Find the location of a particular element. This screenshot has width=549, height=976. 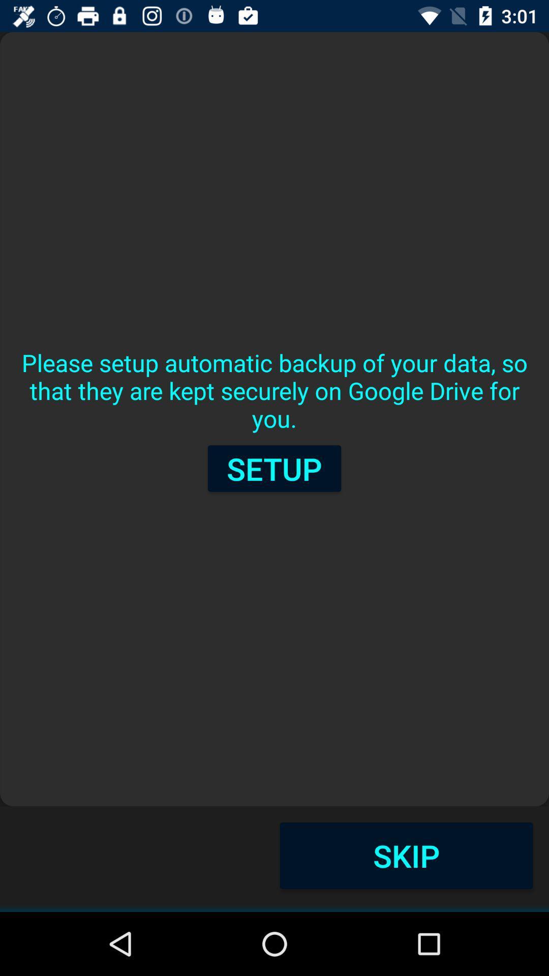

item at the bottom right corner is located at coordinates (406, 855).